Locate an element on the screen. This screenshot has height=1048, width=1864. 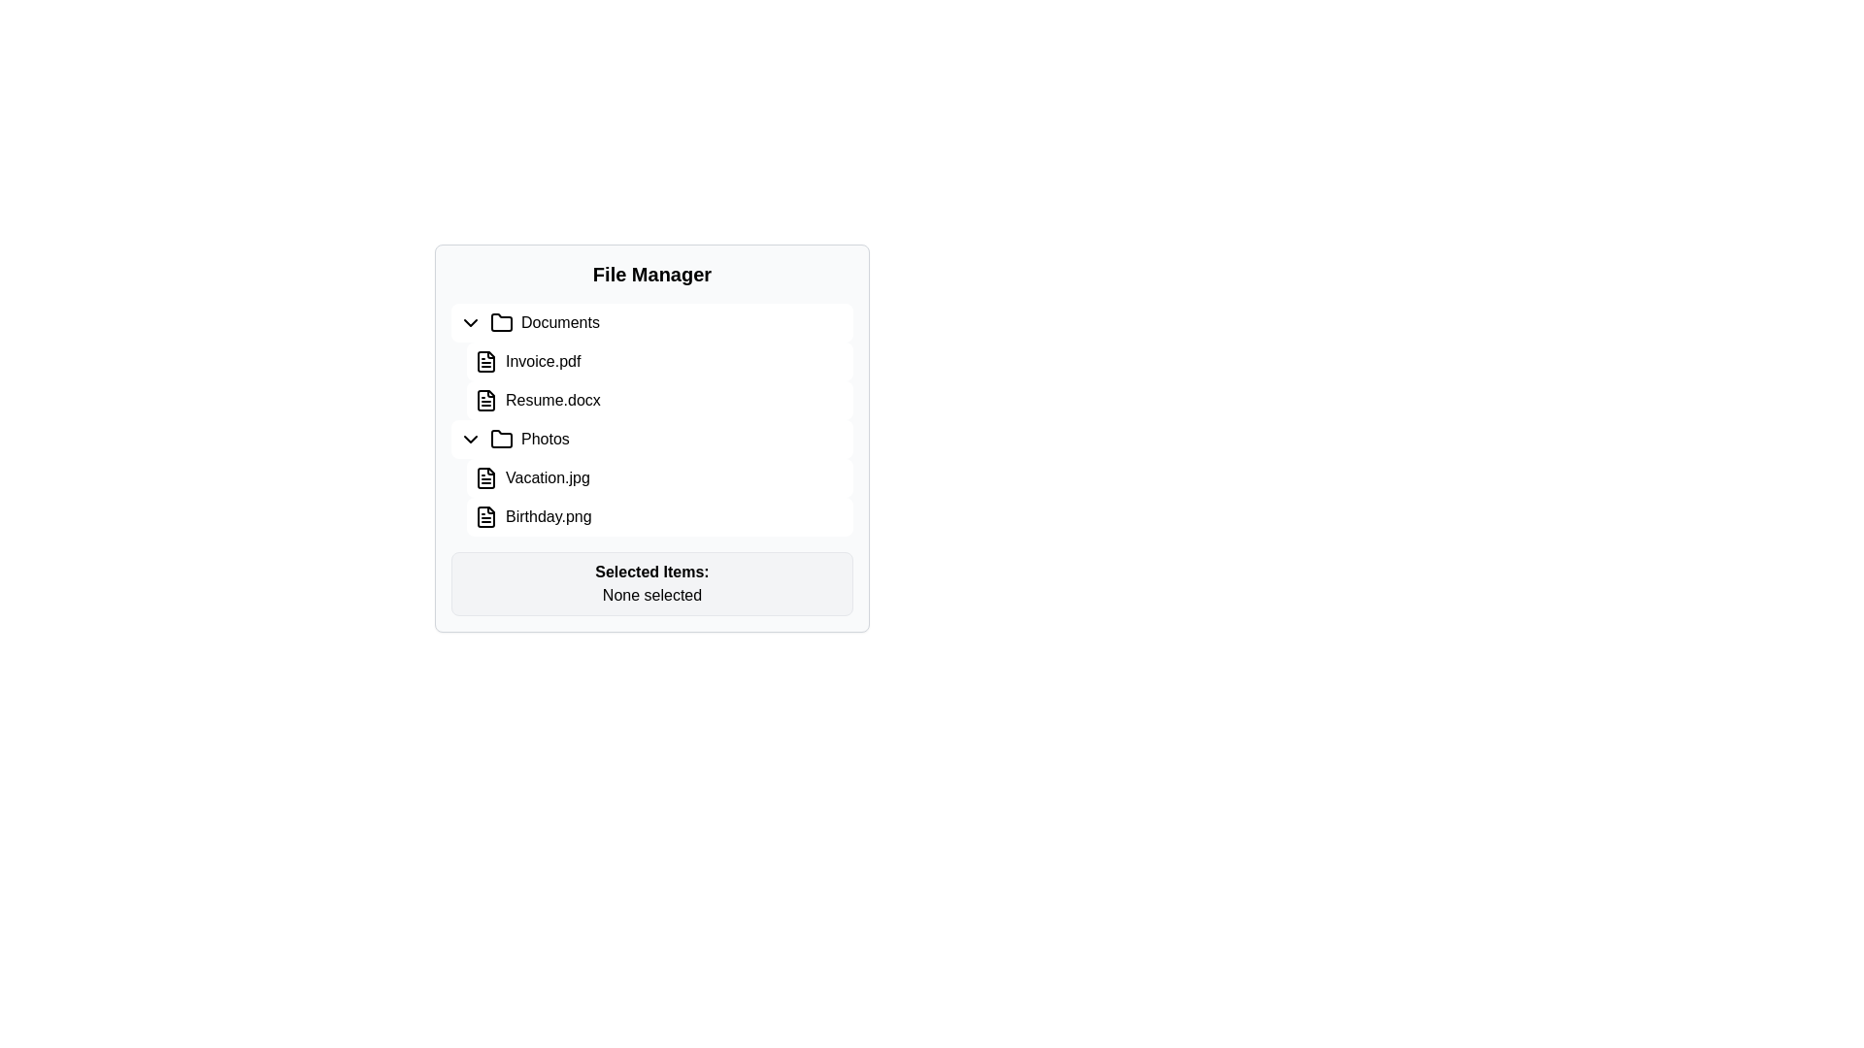
the 'Invoice.pdf' file entry item in the Documents folder is located at coordinates (652, 362).